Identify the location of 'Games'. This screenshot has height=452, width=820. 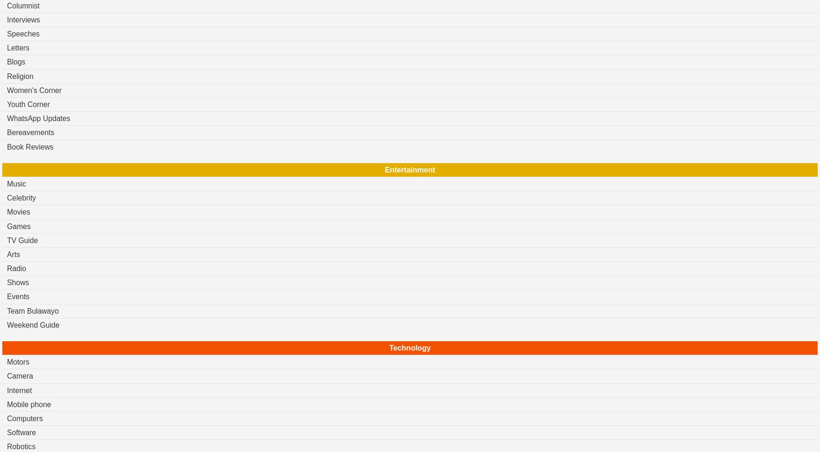
(7, 226).